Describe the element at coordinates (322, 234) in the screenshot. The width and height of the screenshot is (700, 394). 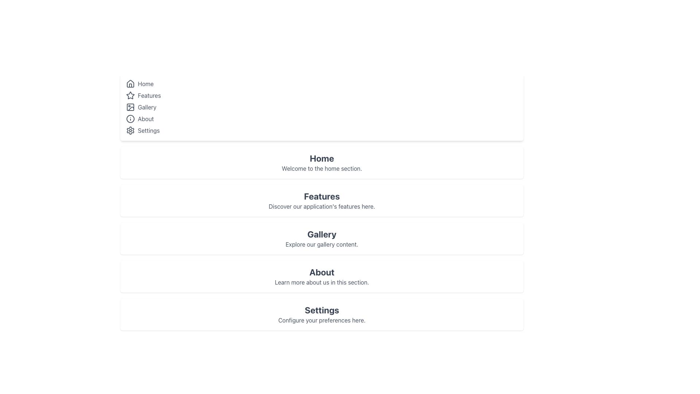
I see `title text element located at the center of the interface, positioned above the supporting text 'Explore our gallery content' within its panel` at that location.